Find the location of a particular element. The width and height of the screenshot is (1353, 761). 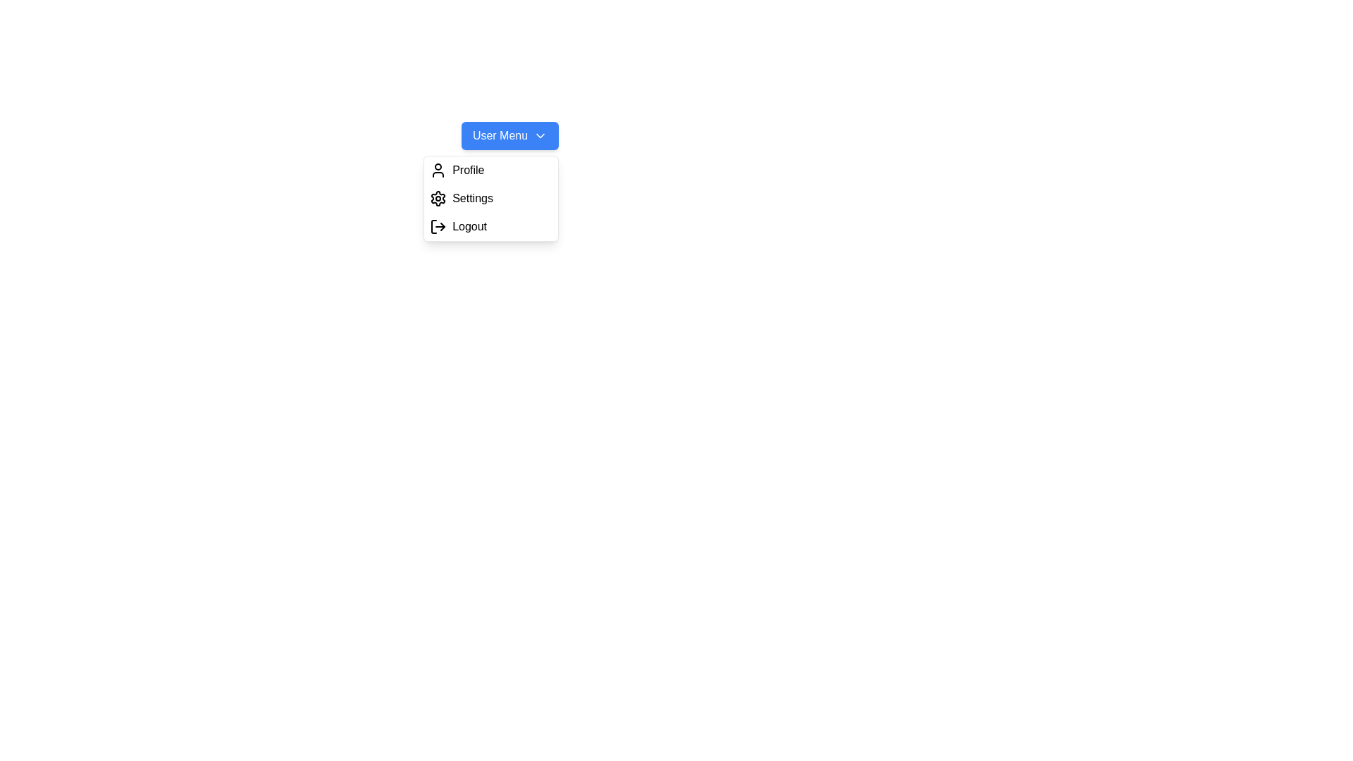

the dropdown trigger button located at the top right of the modal structure is located at coordinates (509, 135).